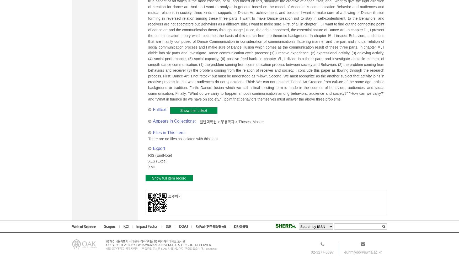 Image resolution: width=459 pixels, height=263 pixels. Describe the element at coordinates (193, 110) in the screenshot. I see `'Show the fulltext'` at that location.